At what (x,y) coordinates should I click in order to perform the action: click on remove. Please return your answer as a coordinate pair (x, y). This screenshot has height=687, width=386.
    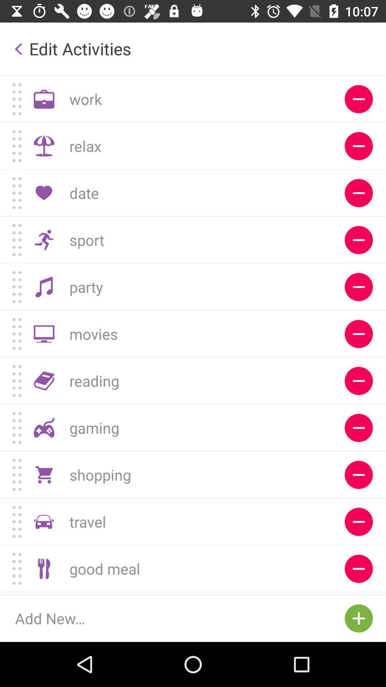
    Looking at the image, I should click on (358, 428).